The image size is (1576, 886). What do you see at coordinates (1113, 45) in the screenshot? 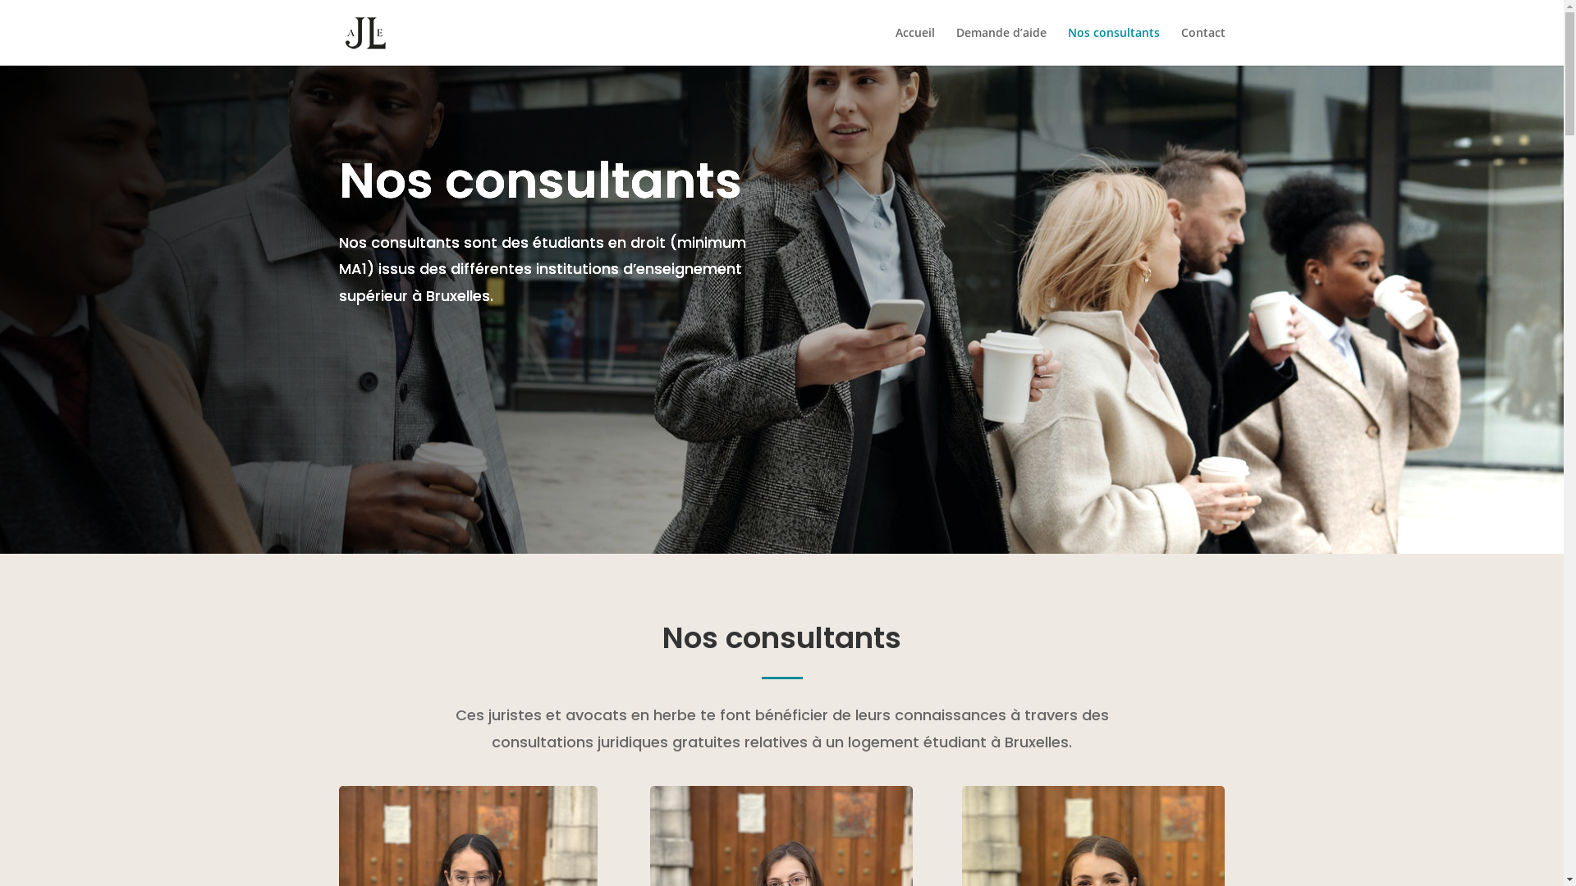
I see `'Nos consultants'` at bounding box center [1113, 45].